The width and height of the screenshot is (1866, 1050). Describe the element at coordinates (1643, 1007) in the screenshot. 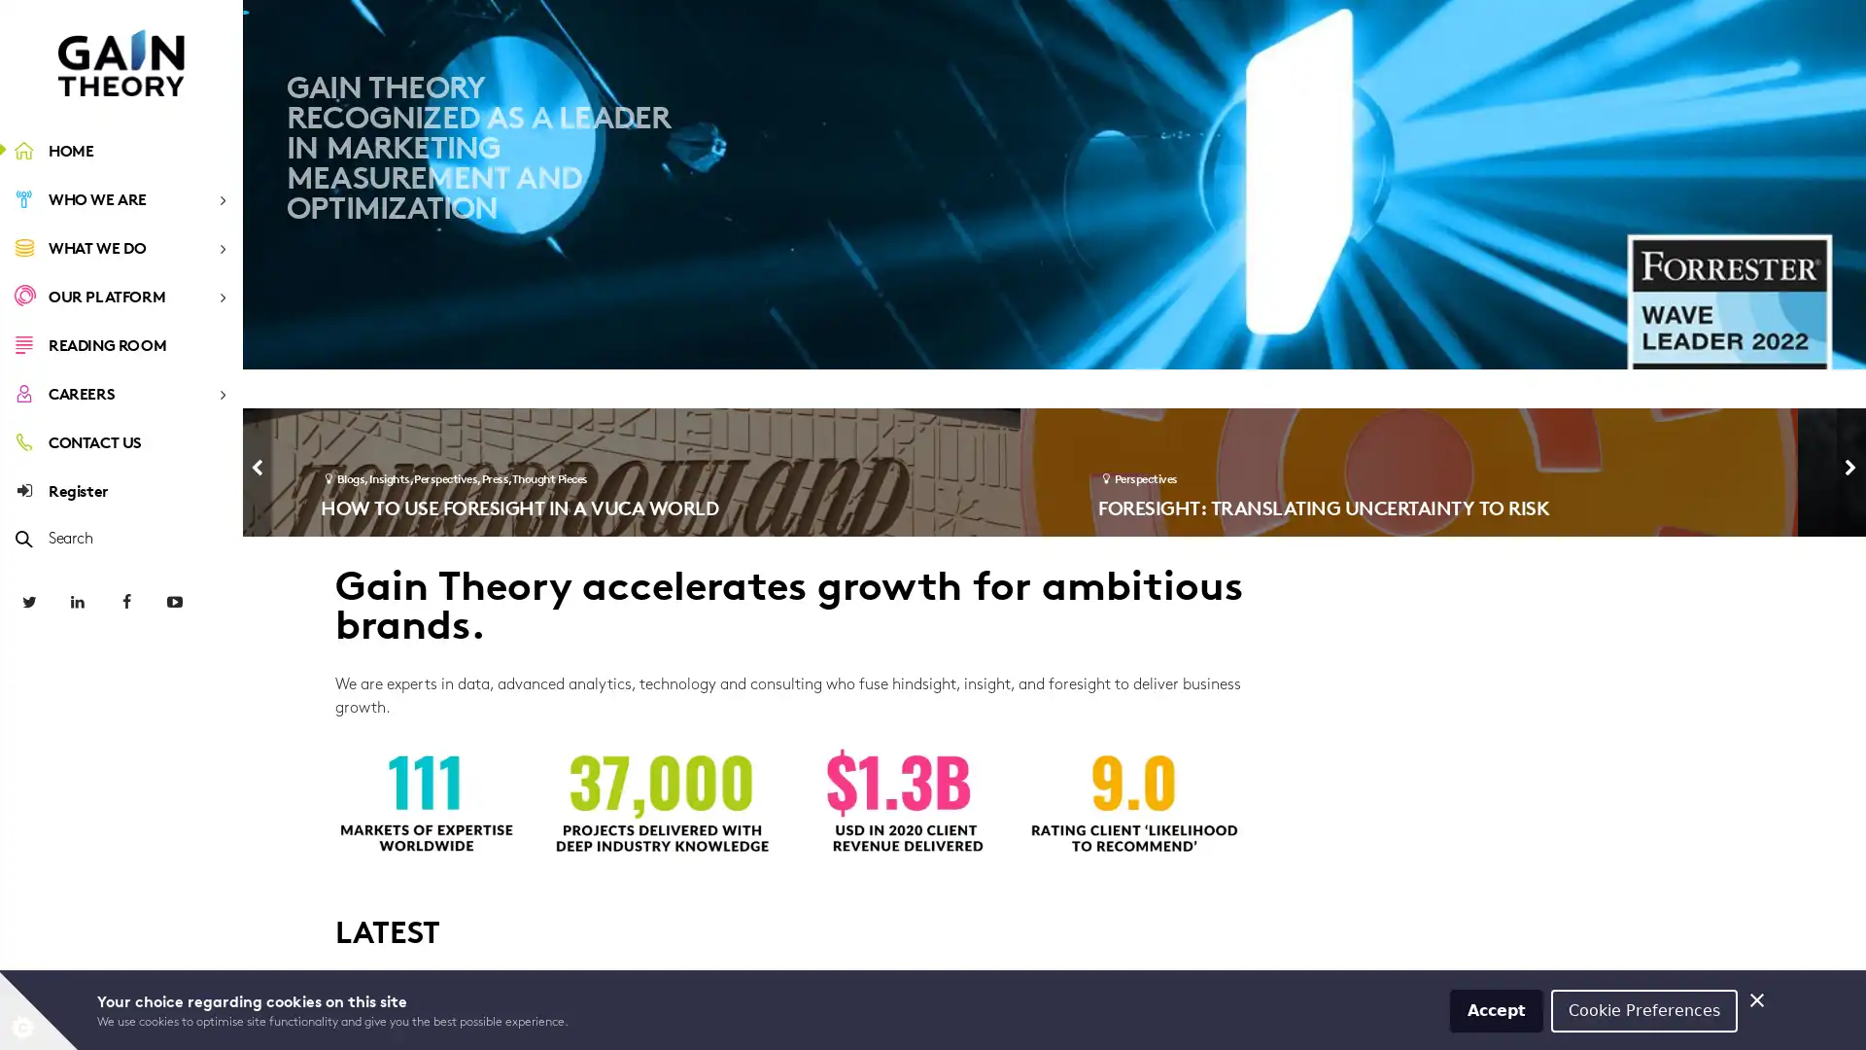

I see `Cookie Preferences` at that location.